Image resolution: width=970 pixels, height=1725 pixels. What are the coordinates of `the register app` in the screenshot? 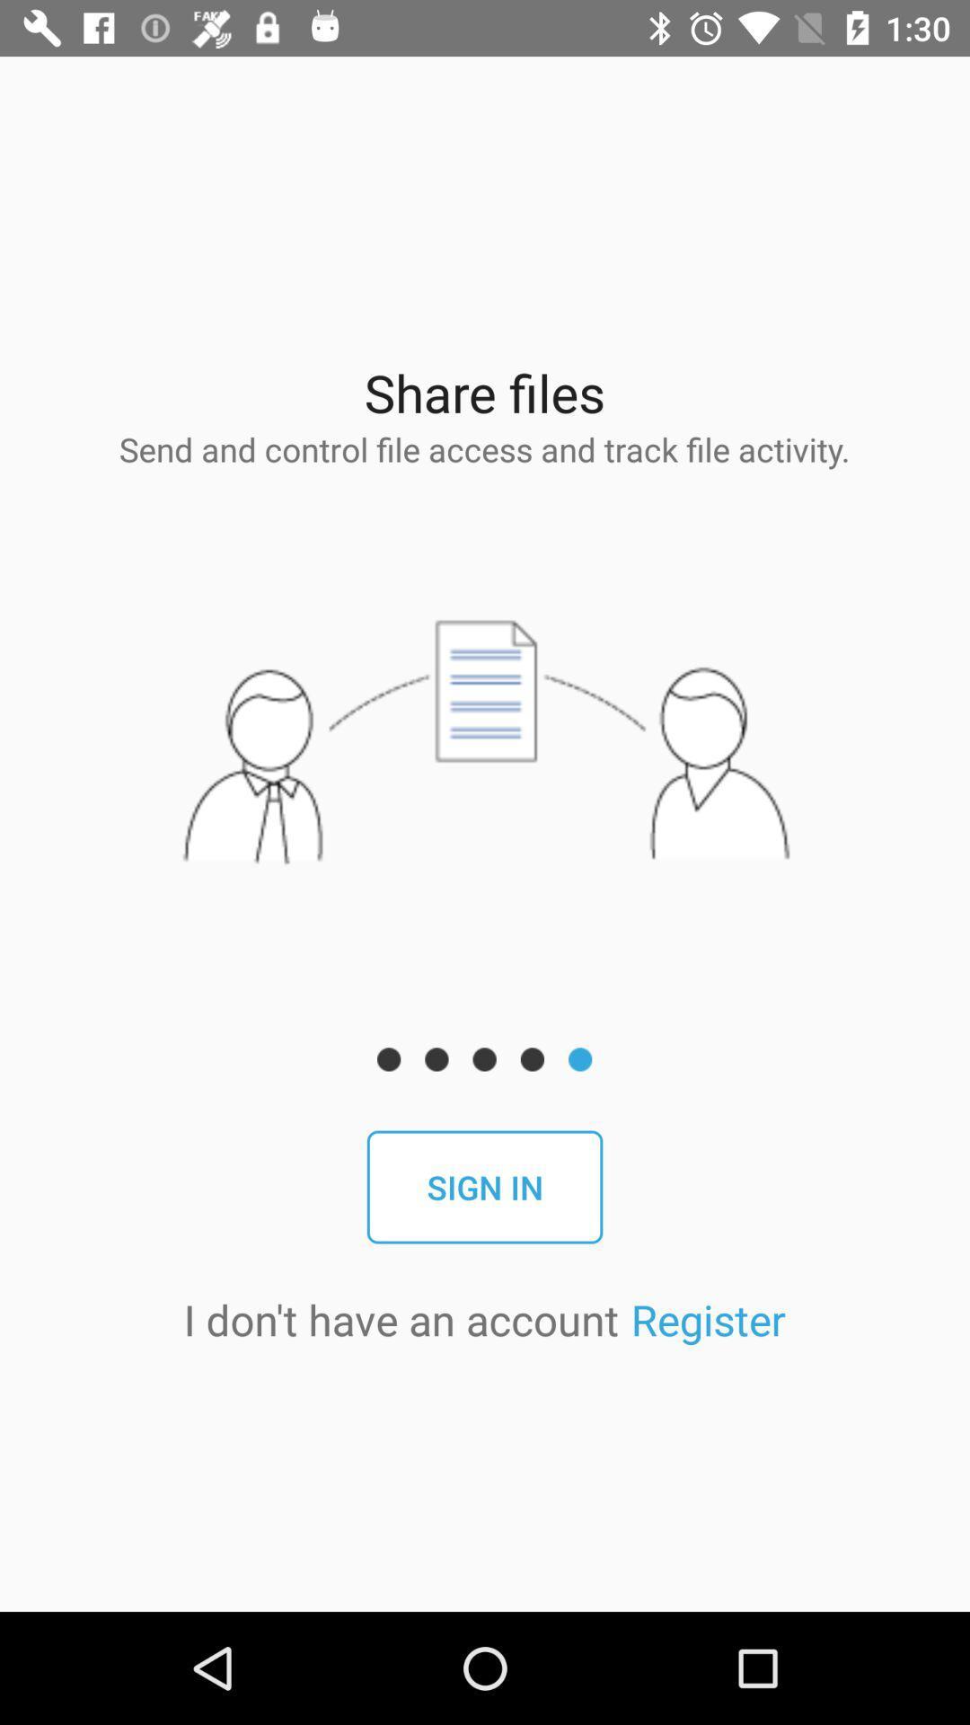 It's located at (707, 1319).